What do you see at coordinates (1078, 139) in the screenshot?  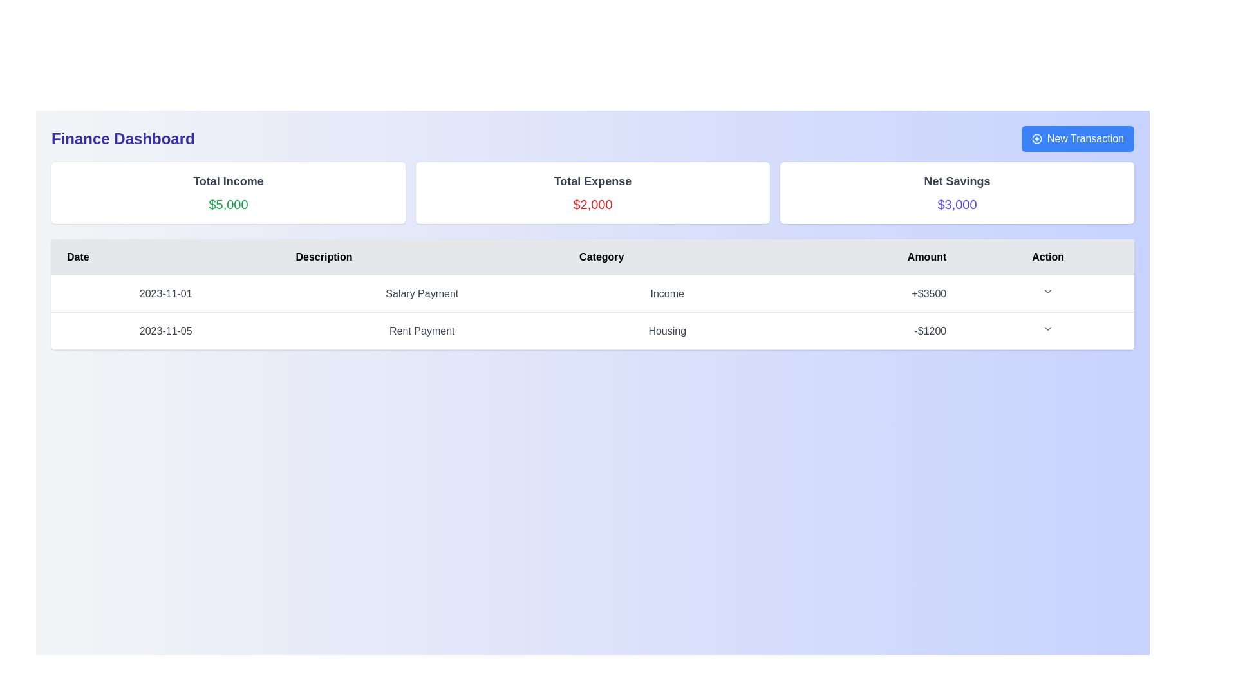 I see `keyboard navigation` at bounding box center [1078, 139].